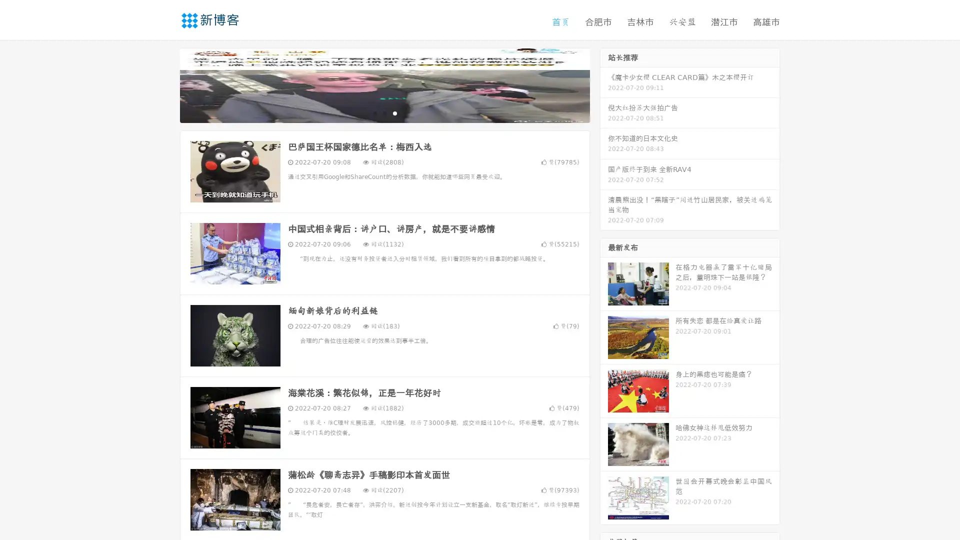  I want to click on Go to slide 3, so click(394, 112).